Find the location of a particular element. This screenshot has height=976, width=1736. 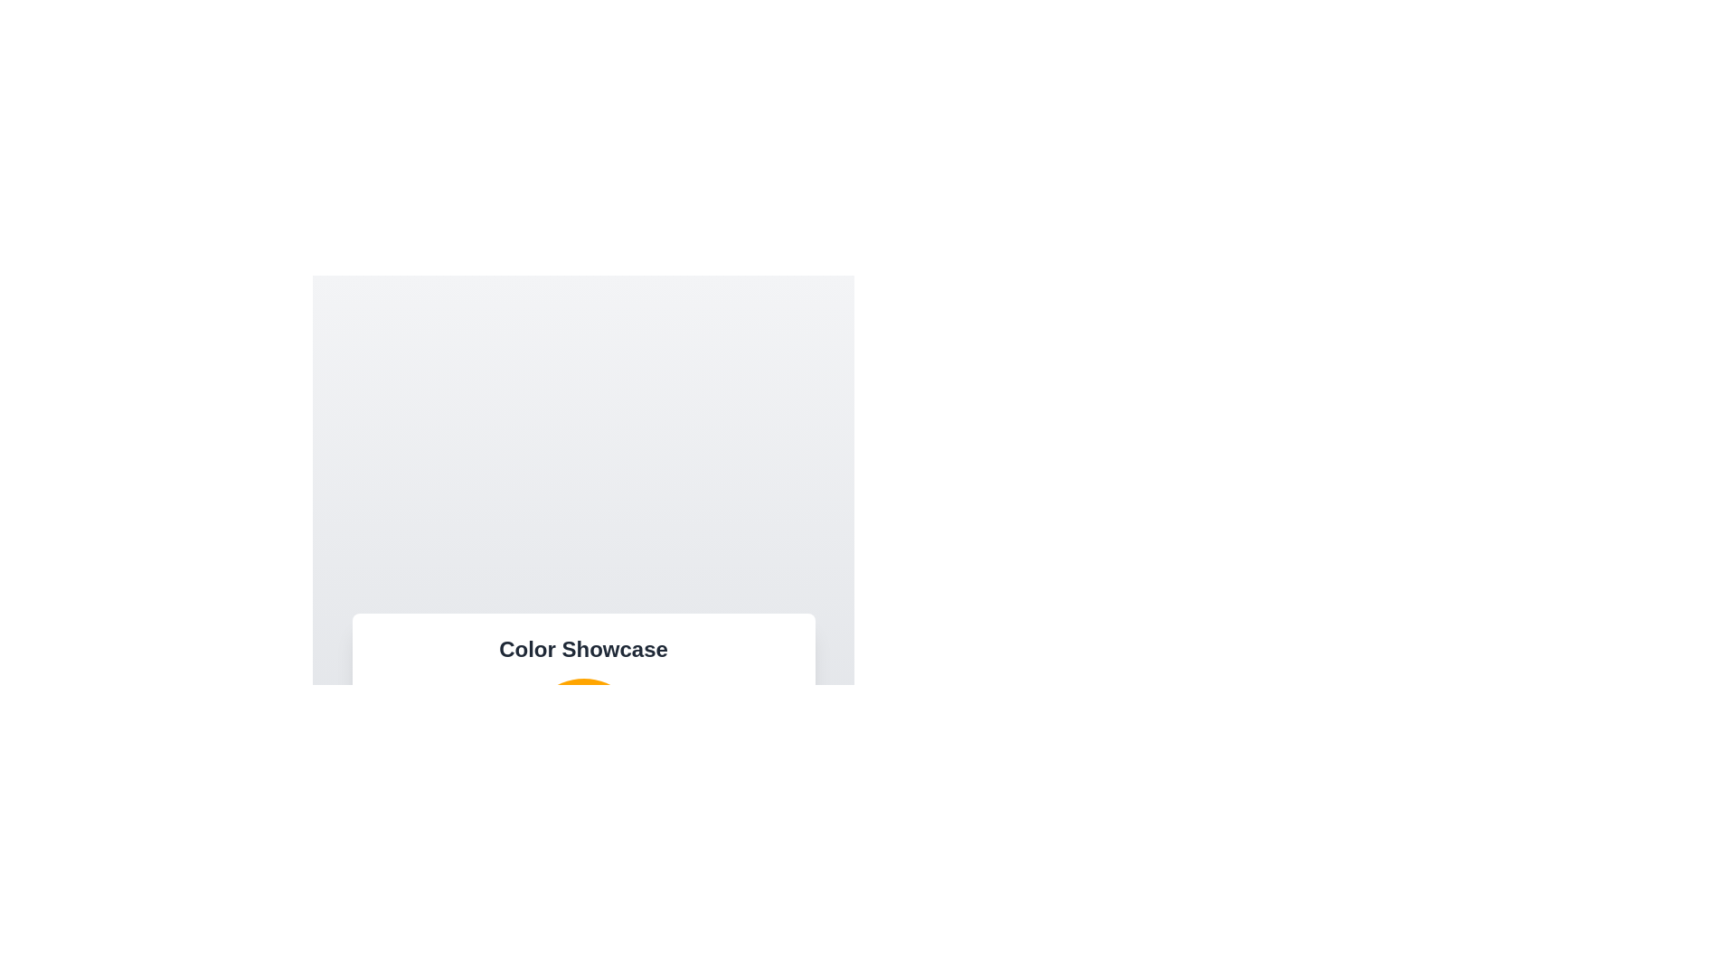

the 'Color Showcase' text label, which is displayed in bold, large dark gray font at the top of a centered card with a white background is located at coordinates (583, 648).